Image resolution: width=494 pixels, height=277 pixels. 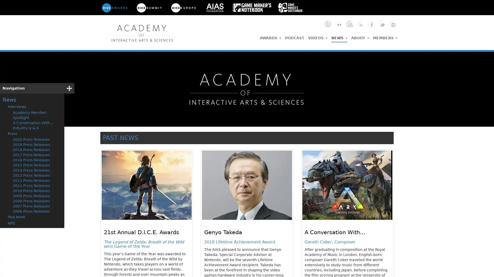 What do you see at coordinates (317, 36) in the screenshot?
I see `VIDEOS` at bounding box center [317, 36].